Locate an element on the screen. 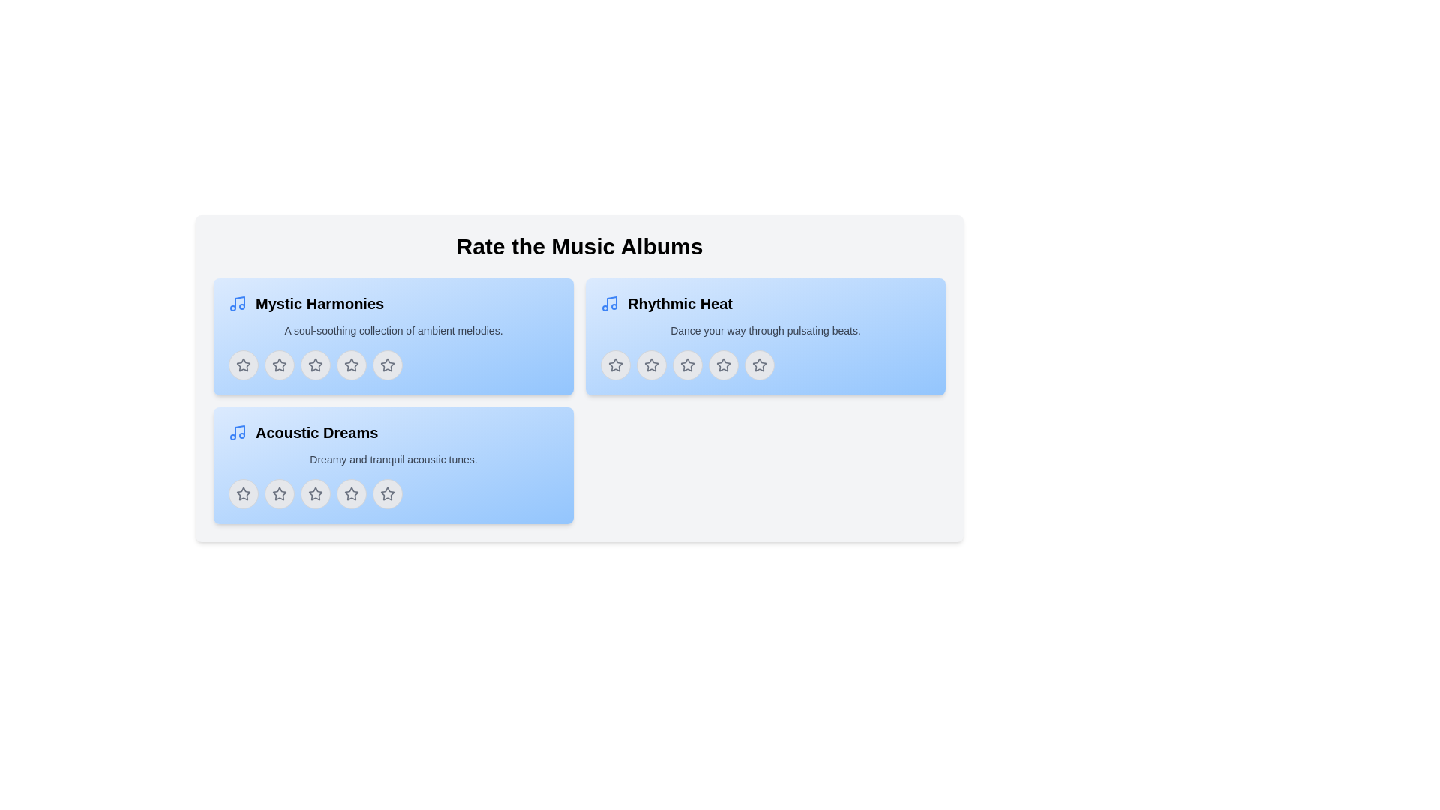  from the first star icon in the 'Acoustic Dreams' section is located at coordinates (244, 493).